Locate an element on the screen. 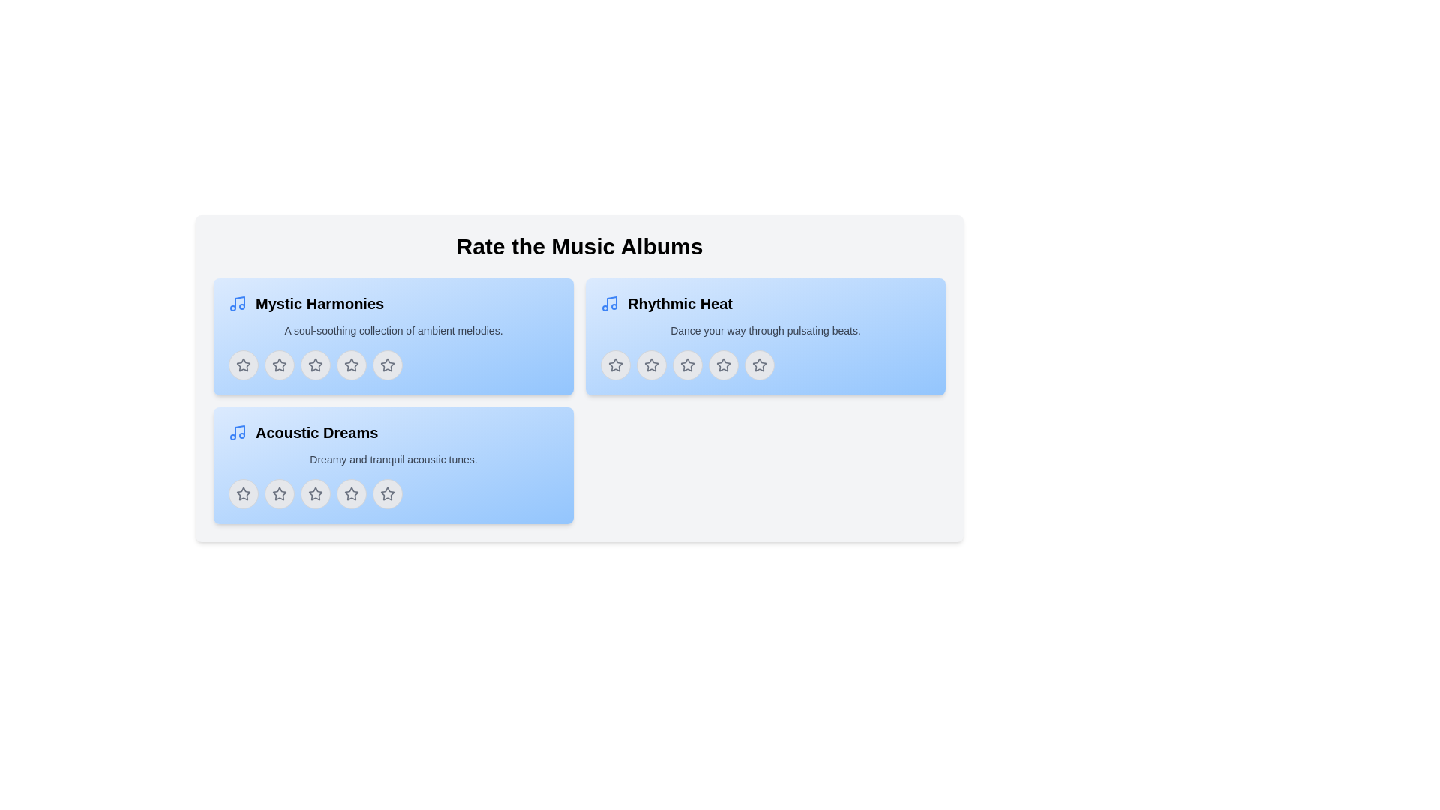  from the first star icon in the 'Acoustic Dreams' section is located at coordinates (244, 493).